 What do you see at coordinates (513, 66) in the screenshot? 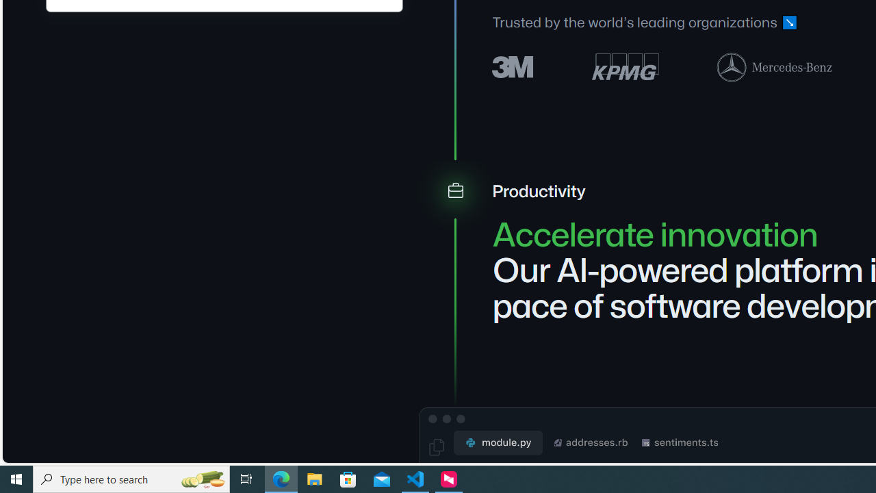
I see `'3M logo'` at bounding box center [513, 66].